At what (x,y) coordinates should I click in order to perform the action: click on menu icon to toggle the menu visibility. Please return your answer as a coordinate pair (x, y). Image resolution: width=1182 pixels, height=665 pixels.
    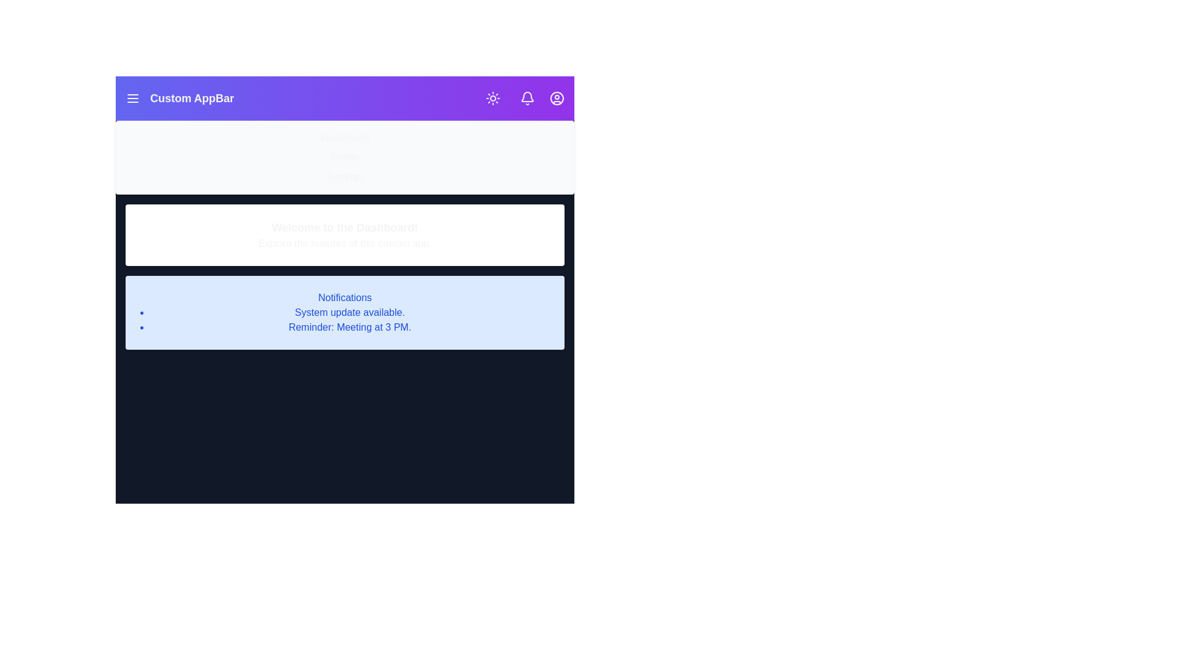
    Looking at the image, I should click on (133, 97).